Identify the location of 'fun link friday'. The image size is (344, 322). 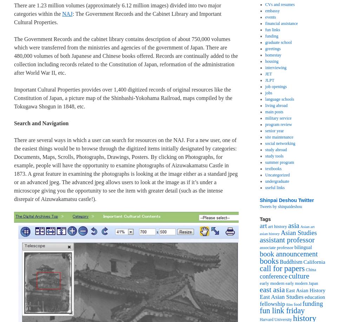
(282, 310).